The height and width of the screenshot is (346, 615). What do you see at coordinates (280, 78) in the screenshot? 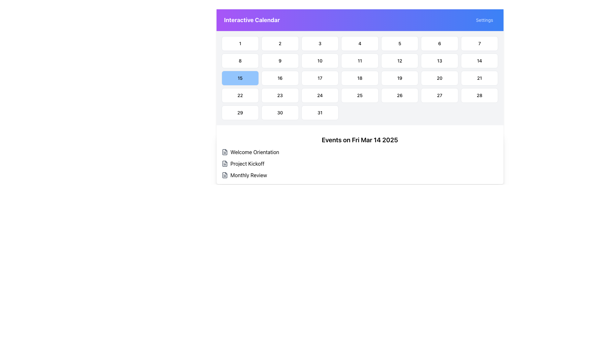
I see `the text label displaying the number '16' located within the calendar grid in the fourth column and second row` at bounding box center [280, 78].